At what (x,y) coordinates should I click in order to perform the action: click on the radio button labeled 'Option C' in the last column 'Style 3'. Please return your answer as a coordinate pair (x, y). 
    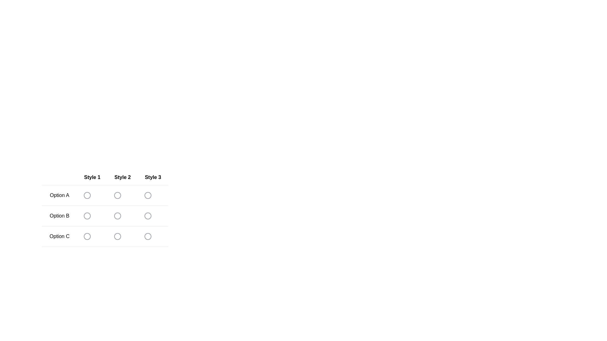
    Looking at the image, I should click on (147, 236).